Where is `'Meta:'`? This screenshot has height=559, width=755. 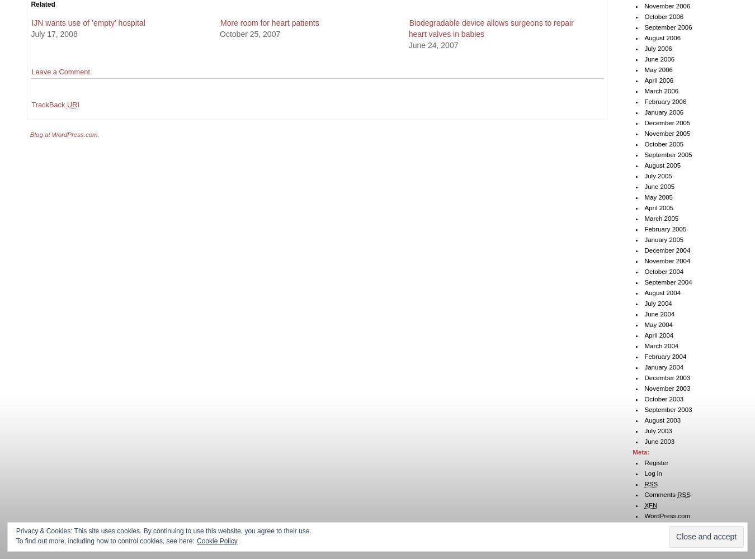 'Meta:' is located at coordinates (640, 452).